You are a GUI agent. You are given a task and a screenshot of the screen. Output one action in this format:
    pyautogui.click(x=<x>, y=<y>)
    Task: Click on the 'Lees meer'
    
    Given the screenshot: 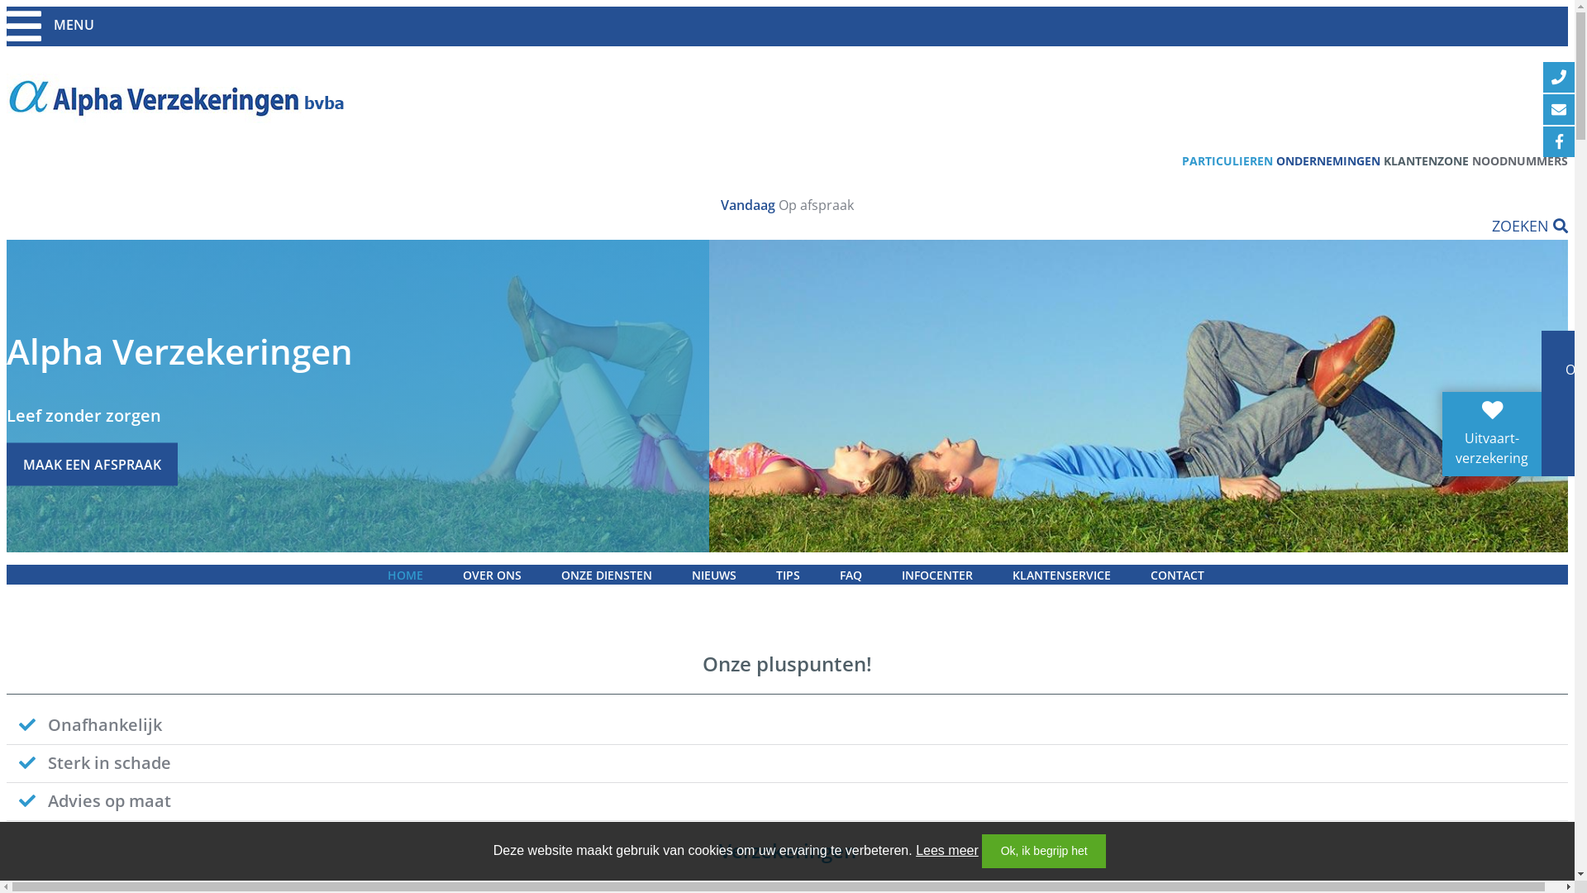 What is the action you would take?
    pyautogui.click(x=947, y=850)
    